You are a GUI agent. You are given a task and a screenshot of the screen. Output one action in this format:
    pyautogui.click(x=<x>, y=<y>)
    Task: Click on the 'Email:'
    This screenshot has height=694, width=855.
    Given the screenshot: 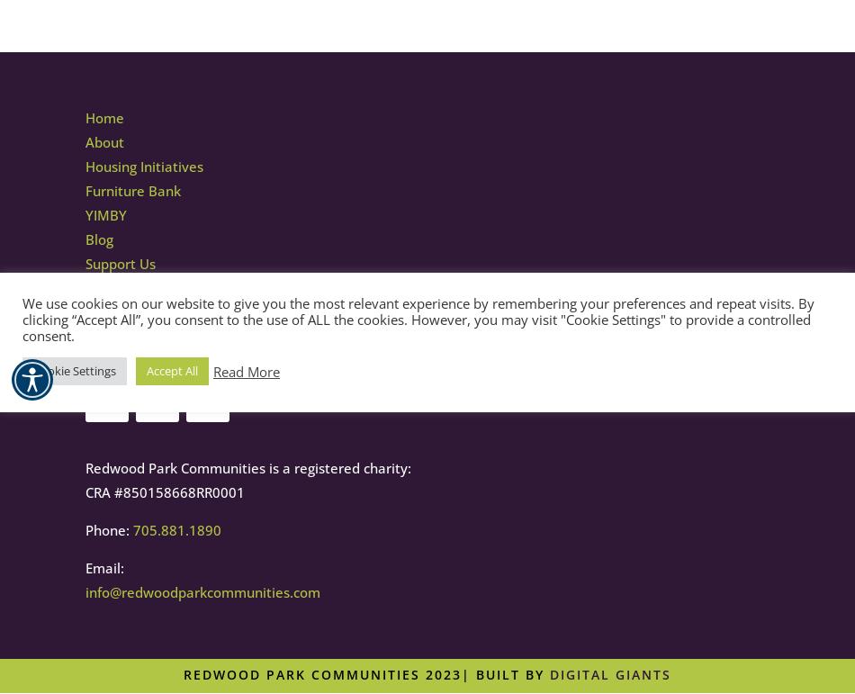 What is the action you would take?
    pyautogui.click(x=104, y=566)
    